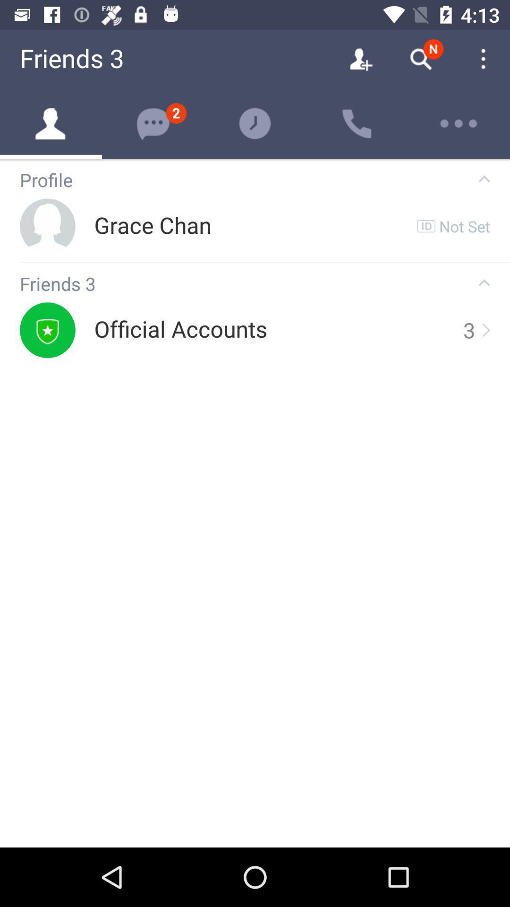  I want to click on phone icon, so click(357, 123).